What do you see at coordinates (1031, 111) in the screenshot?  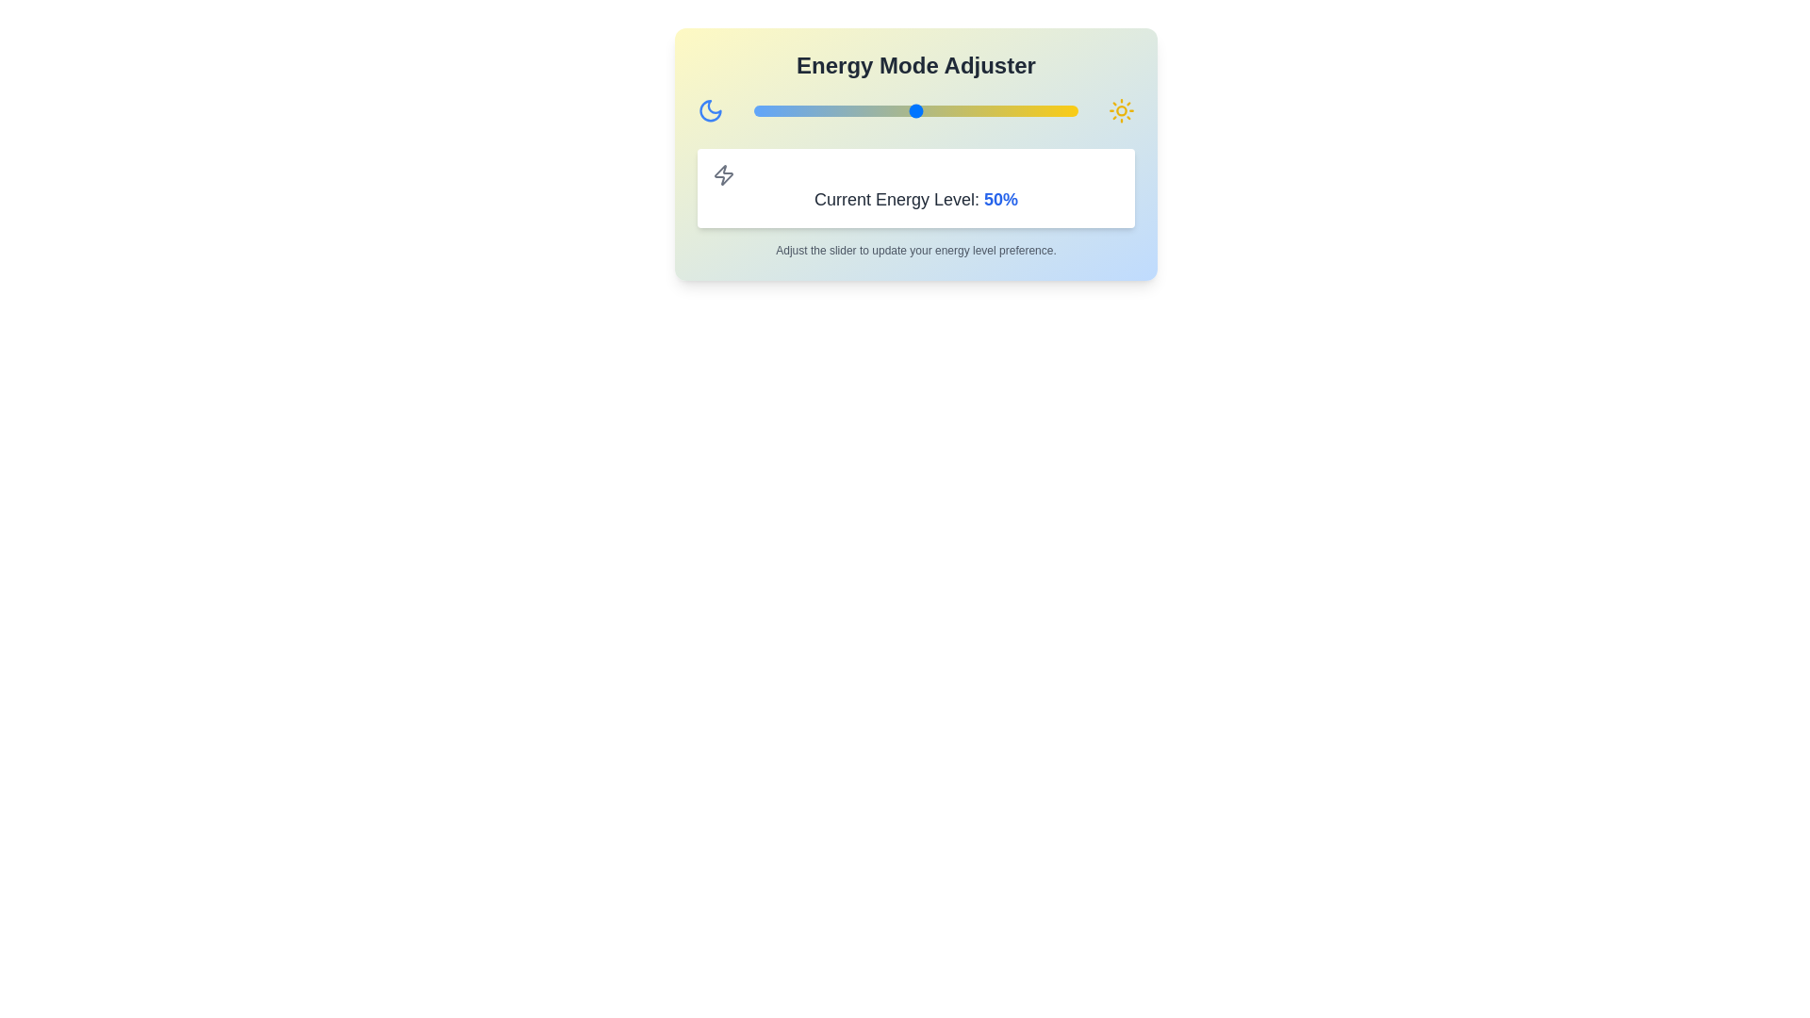 I see `the slider to set the energy level to 86%` at bounding box center [1031, 111].